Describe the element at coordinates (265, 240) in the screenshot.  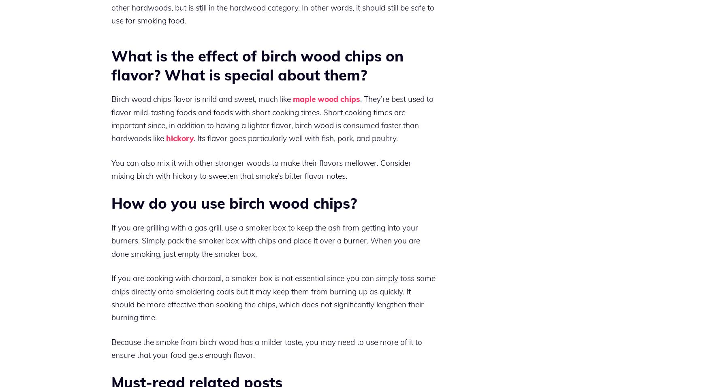
I see `'If you are grilling with a gas grill, use a smoker box to keep the ash from getting into your burners. Simply pack the smoker box with chips and place it over a burner. When you are done smoking, just empty the smoker box.'` at that location.